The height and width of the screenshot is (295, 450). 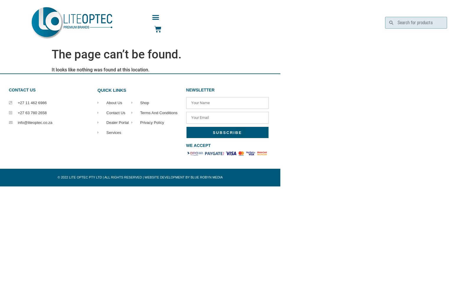 I want to click on 'The page can’t be found.', so click(x=116, y=54).